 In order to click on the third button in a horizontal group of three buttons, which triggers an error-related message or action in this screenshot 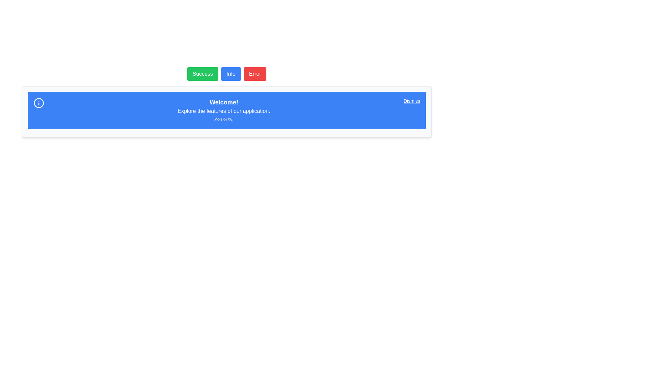, I will do `click(255, 74)`.